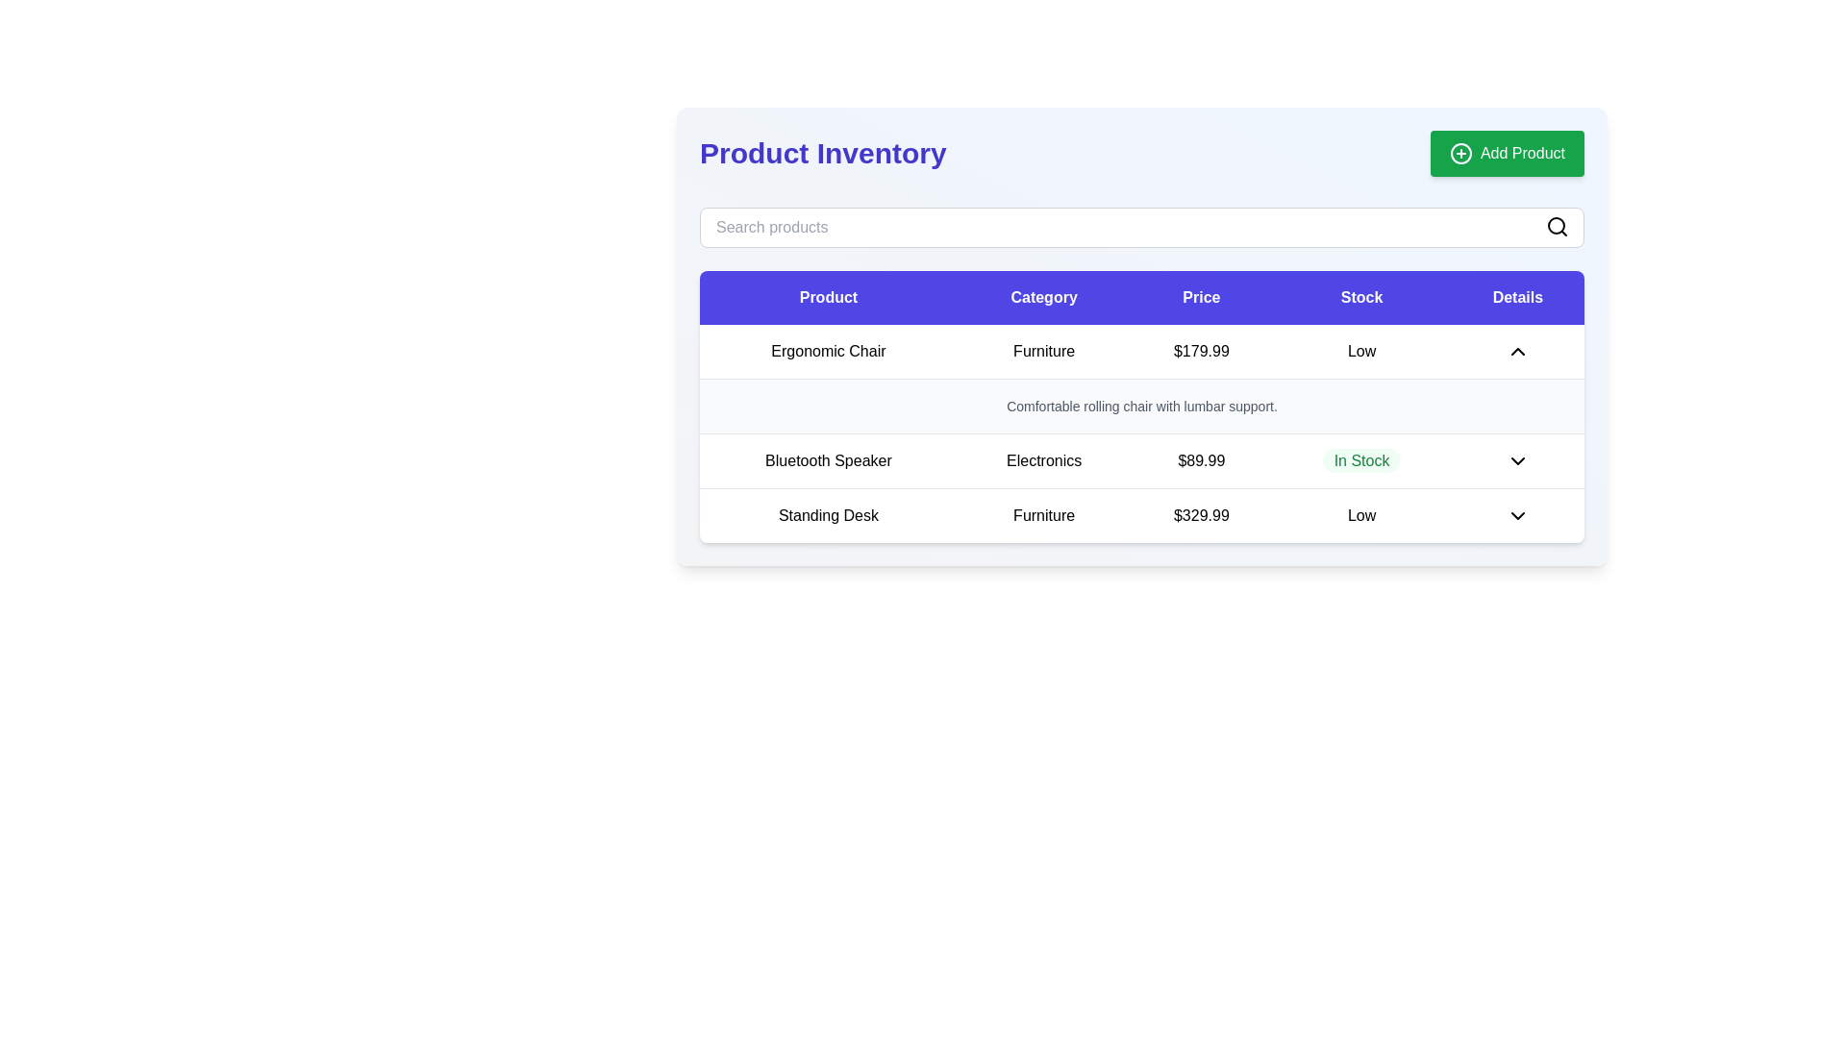 The image size is (1846, 1038). I want to click on the rectangular label displaying 'In Stock' in the 'Stock' column of the second row, styled with a green font and light green background, indicating product availability, so click(1360, 460).